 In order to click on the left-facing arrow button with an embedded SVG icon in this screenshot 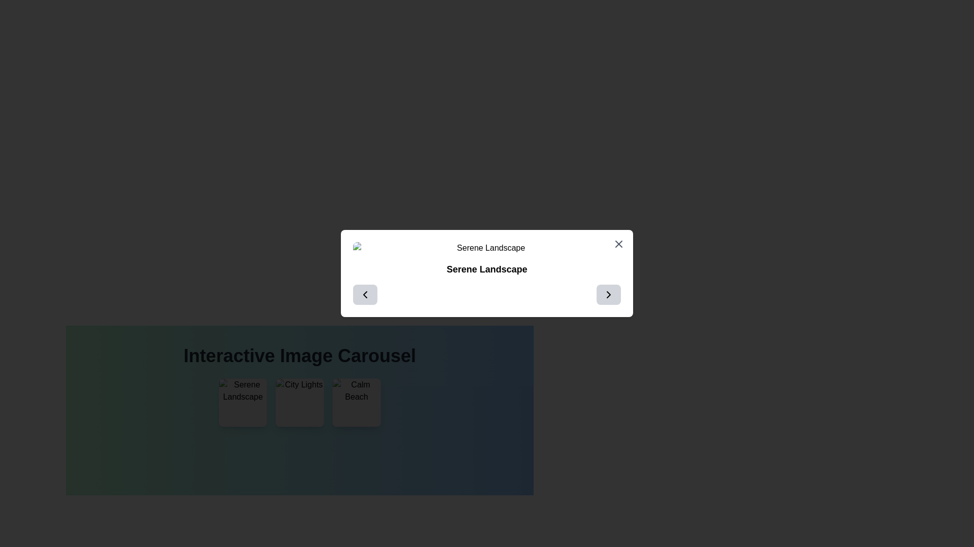, I will do `click(365, 295)`.